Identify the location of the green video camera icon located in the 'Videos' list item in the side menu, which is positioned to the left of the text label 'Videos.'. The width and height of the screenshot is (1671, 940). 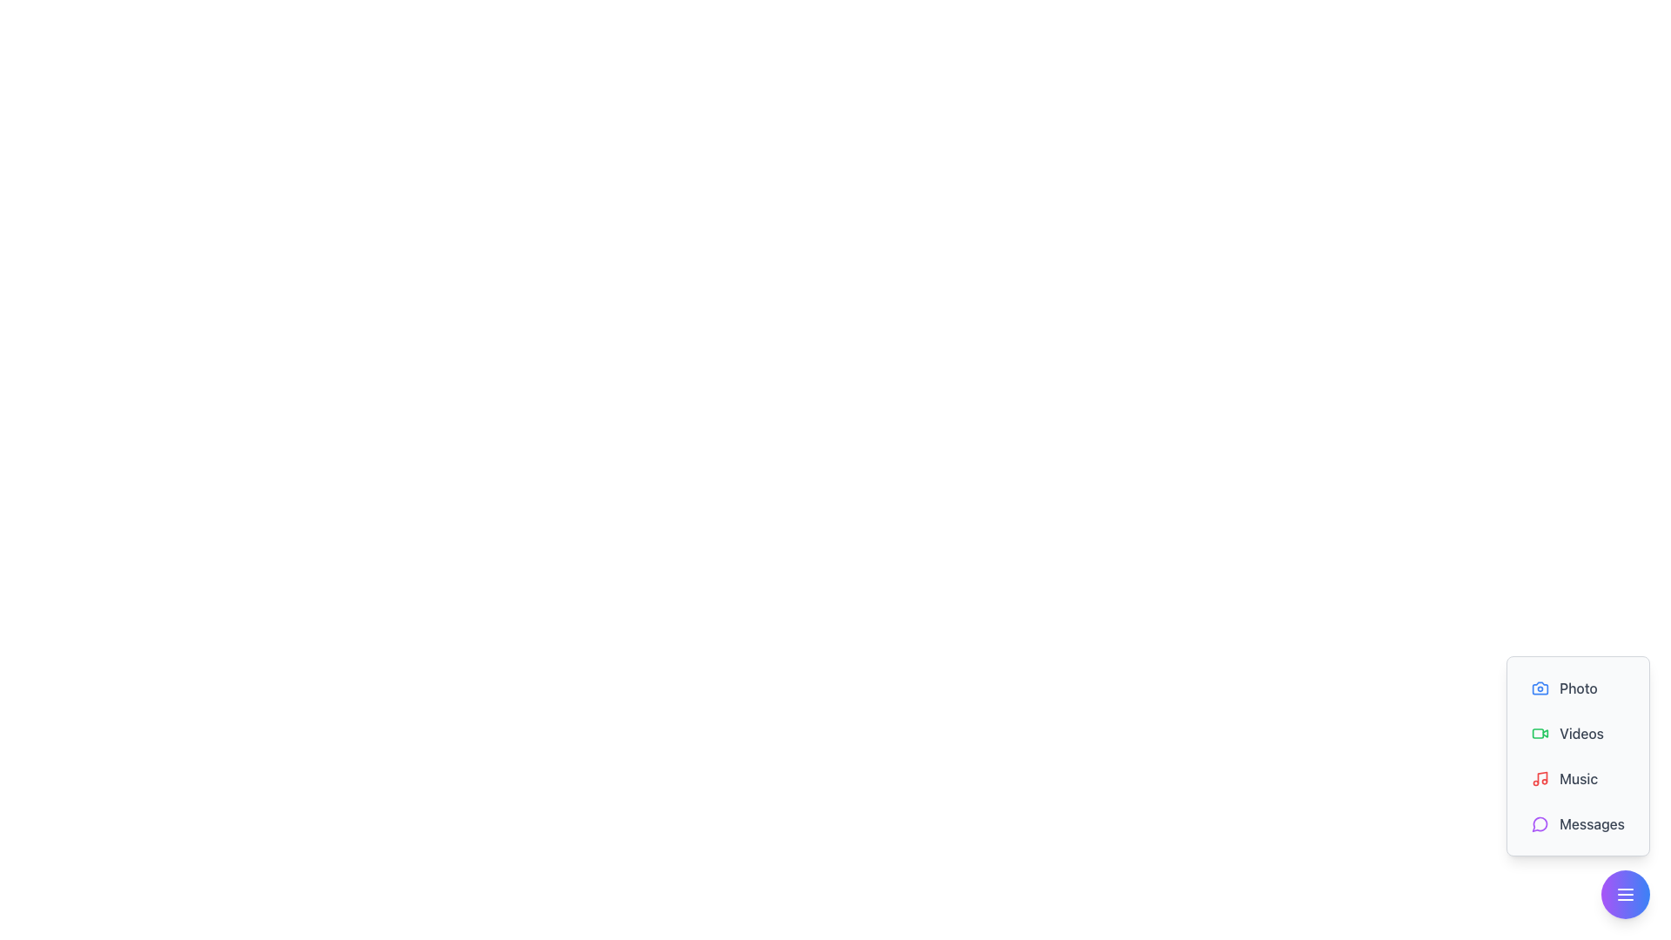
(1540, 734).